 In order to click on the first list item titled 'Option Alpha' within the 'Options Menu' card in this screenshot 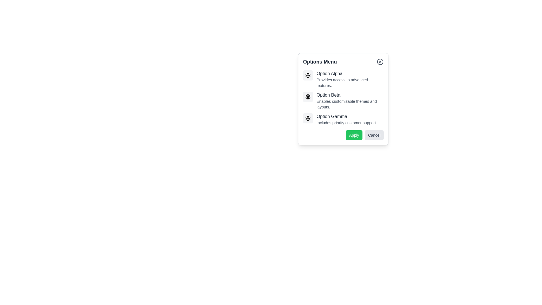, I will do `click(350, 79)`.